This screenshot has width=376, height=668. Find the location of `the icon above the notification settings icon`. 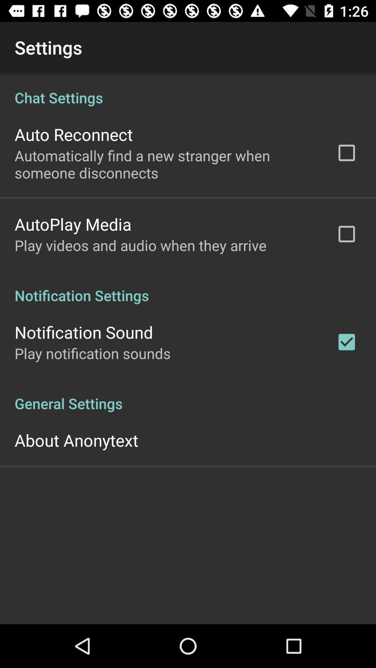

the icon above the notification settings icon is located at coordinates (140, 245).